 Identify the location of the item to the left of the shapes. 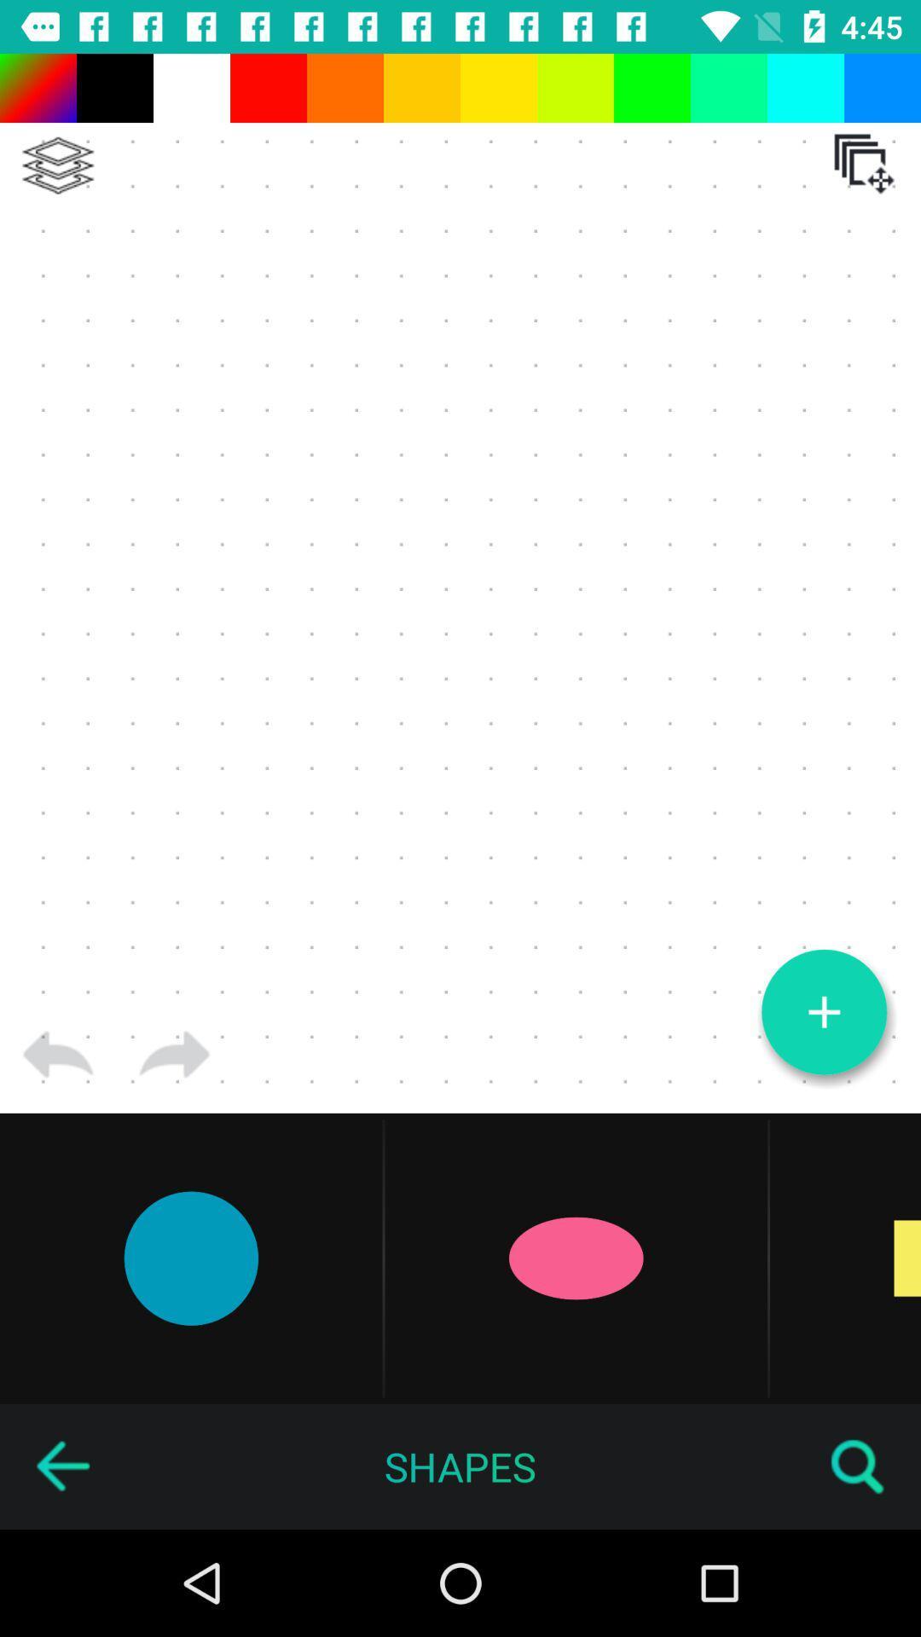
(61, 1466).